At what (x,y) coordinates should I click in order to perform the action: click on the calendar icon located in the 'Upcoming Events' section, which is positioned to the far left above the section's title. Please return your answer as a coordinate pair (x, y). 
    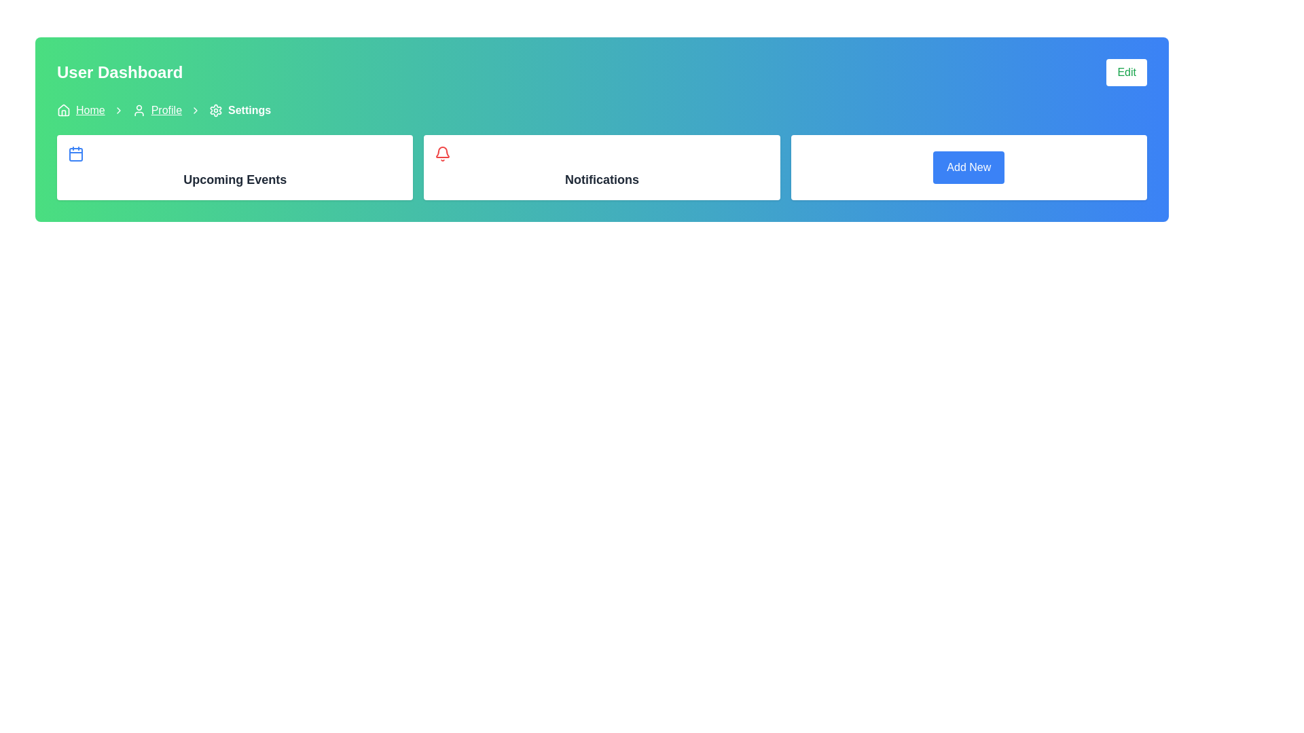
    Looking at the image, I should click on (75, 153).